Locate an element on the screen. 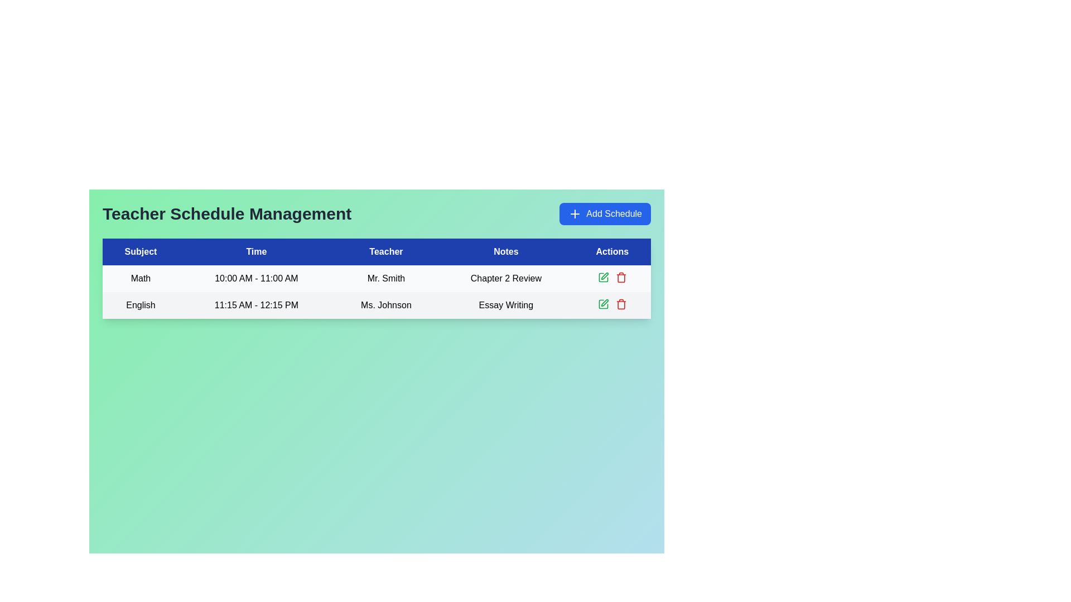 This screenshot has height=602, width=1071. the text element displaying 'English' in the second row of the table under the 'Subject' column is located at coordinates (140, 305).